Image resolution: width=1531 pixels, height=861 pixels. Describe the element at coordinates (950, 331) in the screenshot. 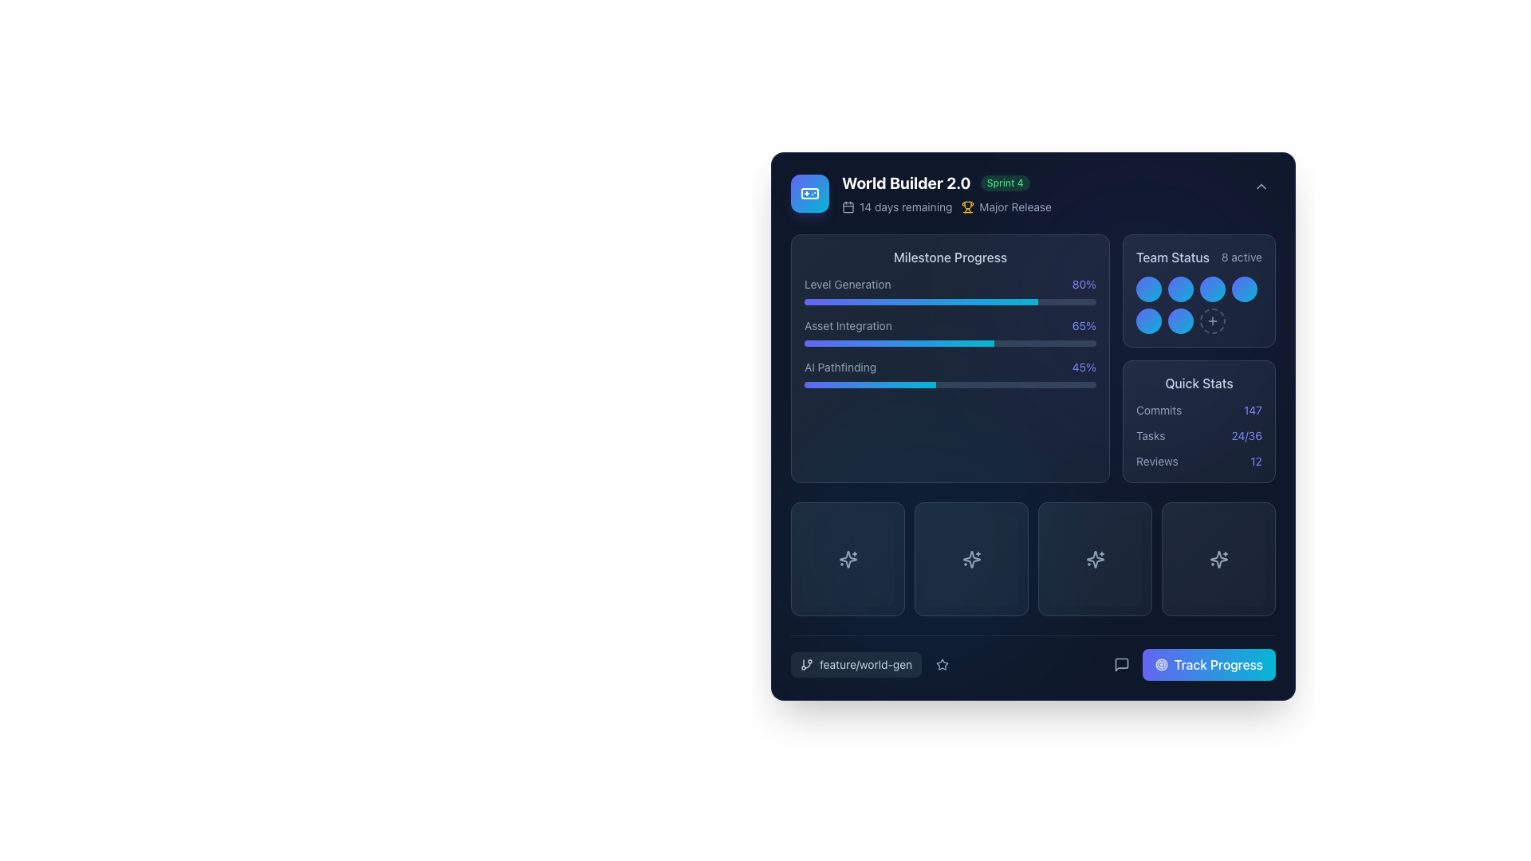

I see `progress label and percentage of the progress bar labeled 'Asset Integration' which shows '65%'` at that location.